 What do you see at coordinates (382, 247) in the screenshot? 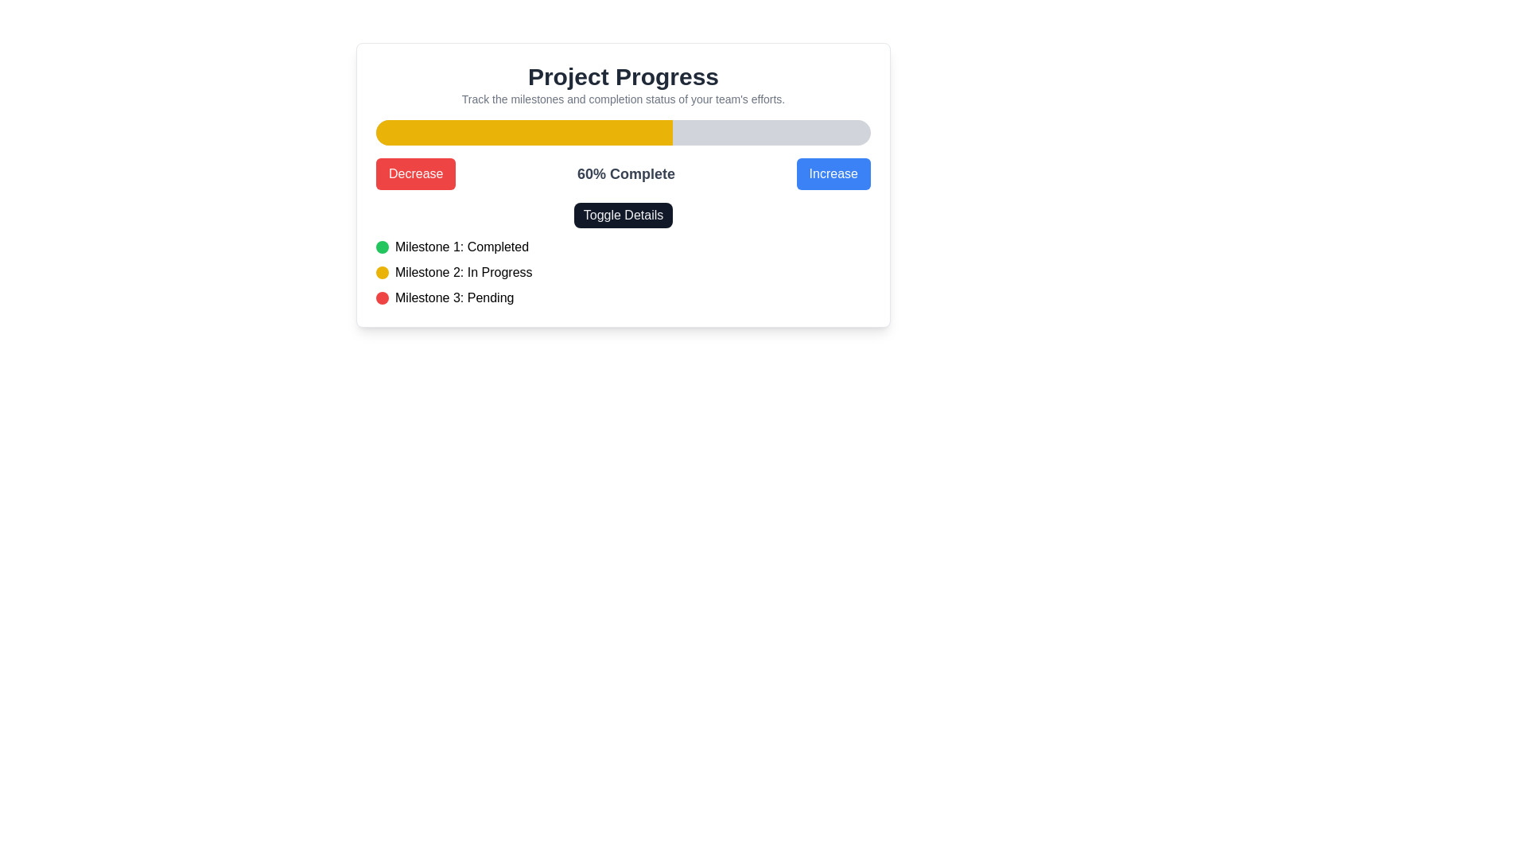
I see `the green Indicator (status symbol) that represents the completion status of the first milestone, located before the text label 'Milestone 1: Completed'` at bounding box center [382, 247].